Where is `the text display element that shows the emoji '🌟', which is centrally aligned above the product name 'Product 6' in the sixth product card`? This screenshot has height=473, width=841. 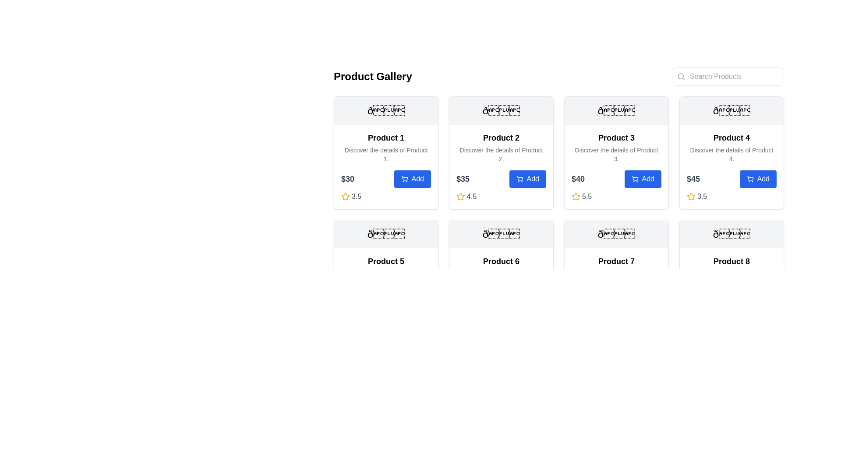 the text display element that shows the emoji '🌟', which is centrally aligned above the product name 'Product 6' in the sixth product card is located at coordinates (501, 234).